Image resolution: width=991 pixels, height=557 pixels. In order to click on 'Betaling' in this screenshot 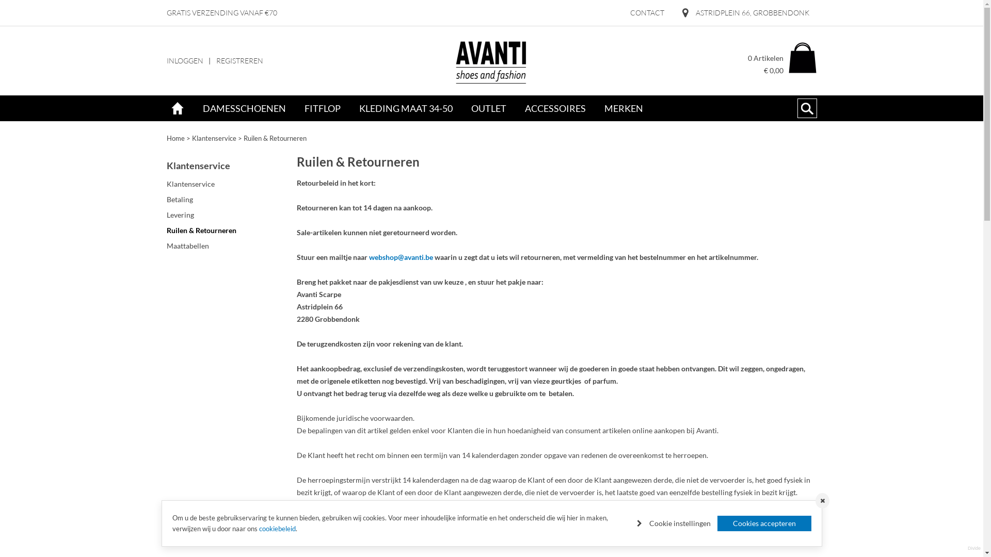, I will do `click(227, 199)`.